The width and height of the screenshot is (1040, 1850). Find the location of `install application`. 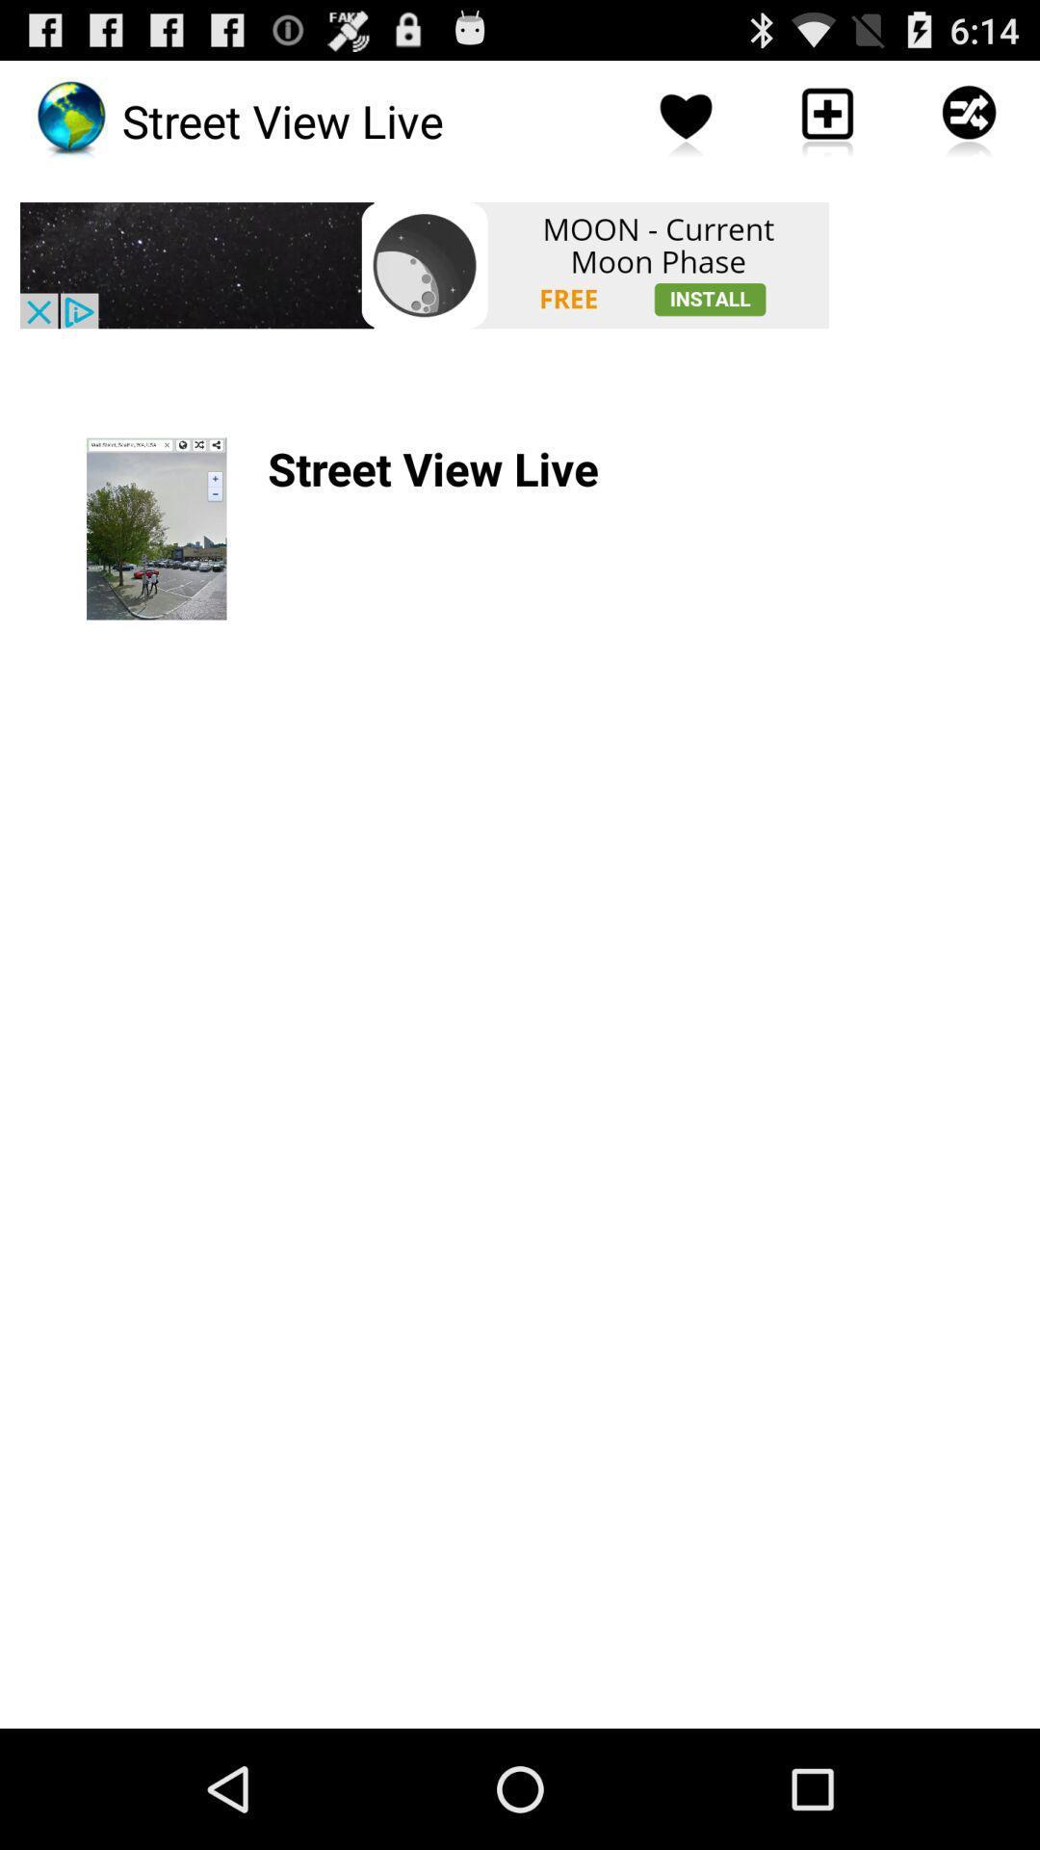

install application is located at coordinates (423, 264).